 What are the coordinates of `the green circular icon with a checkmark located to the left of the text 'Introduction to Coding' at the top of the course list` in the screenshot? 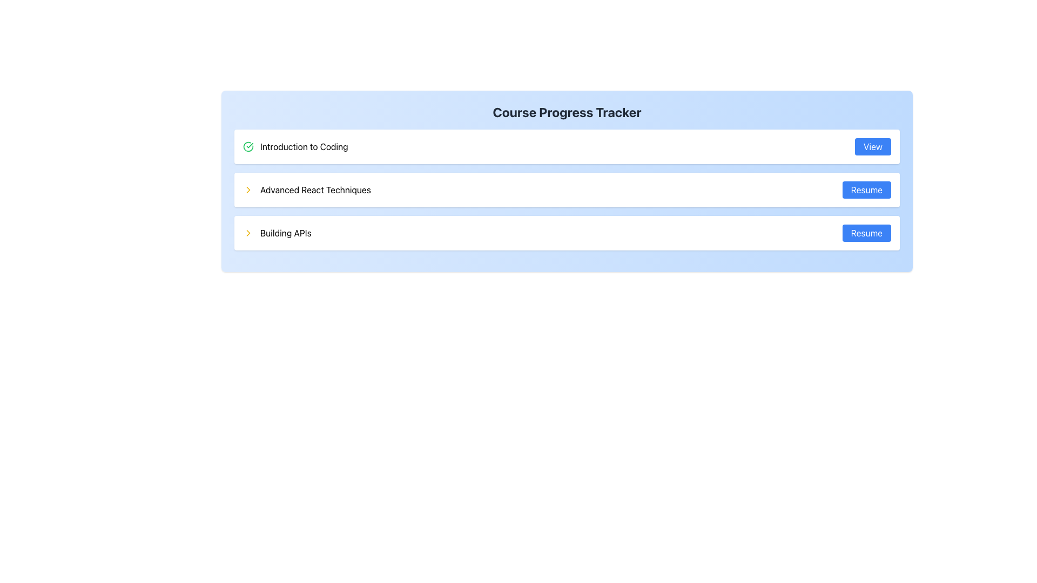 It's located at (248, 147).